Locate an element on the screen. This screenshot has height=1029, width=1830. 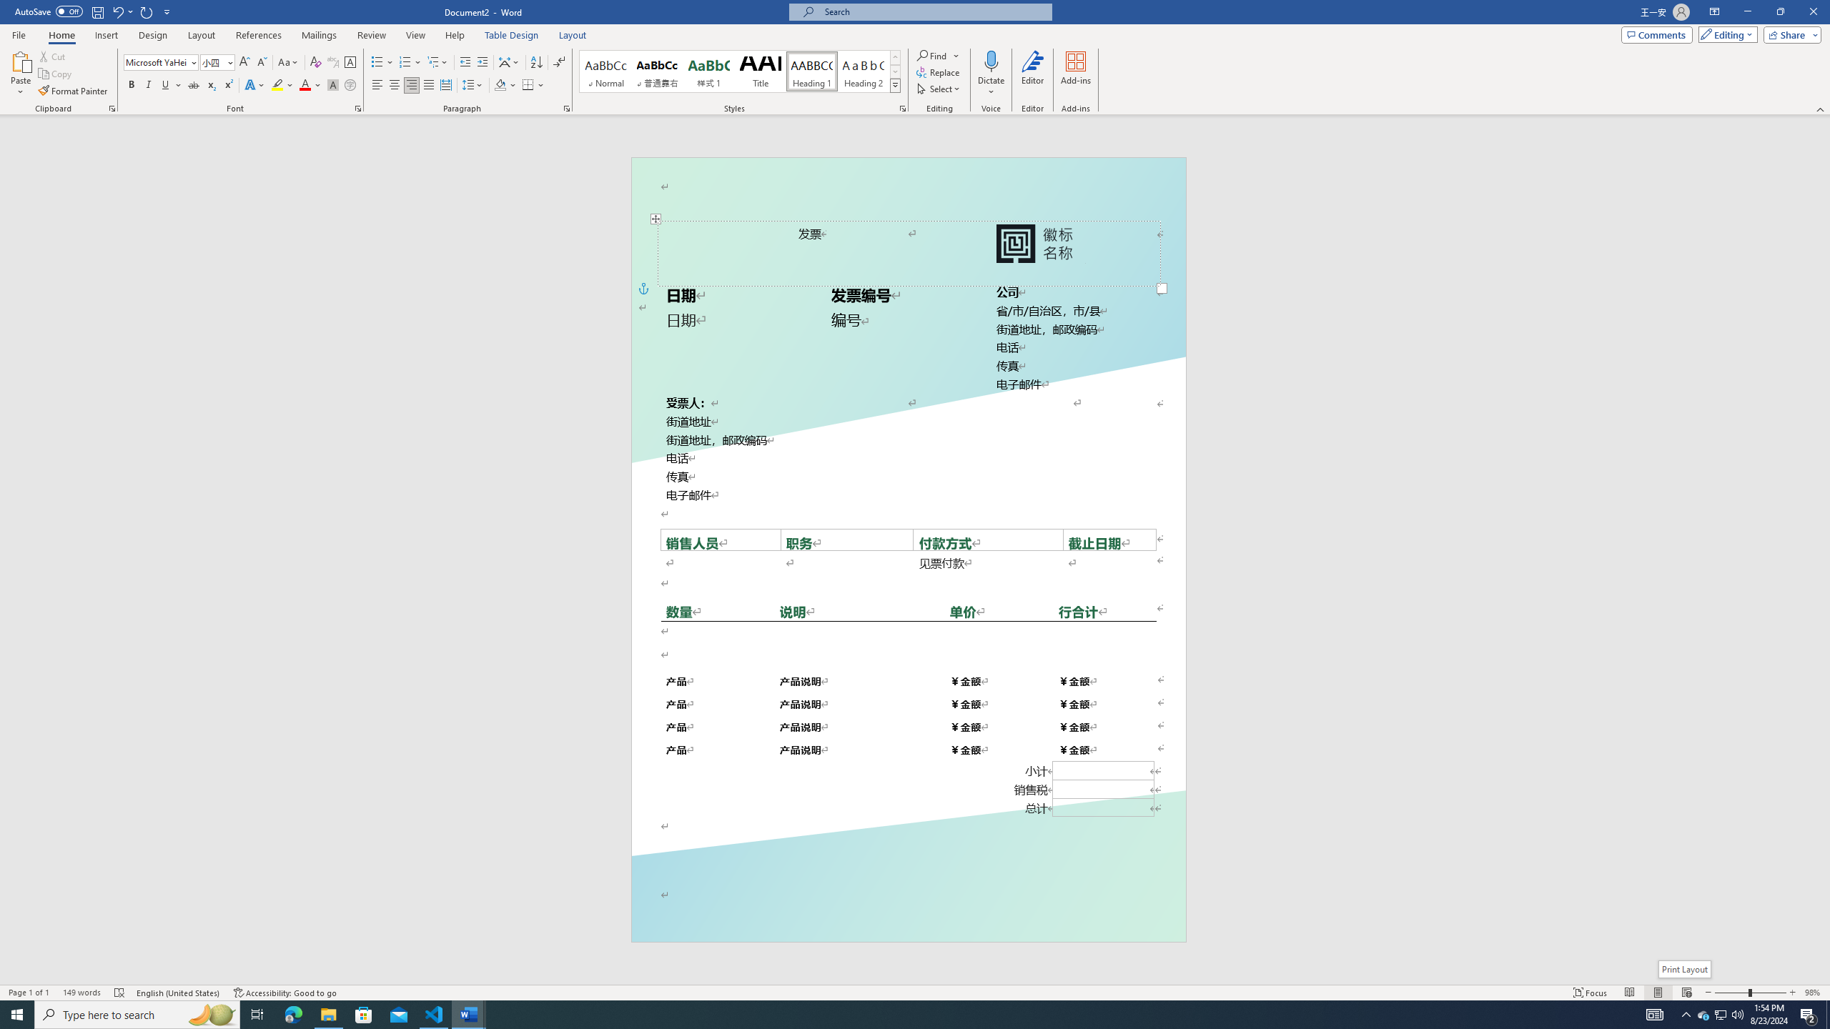
'Row Down' is located at coordinates (894, 71).